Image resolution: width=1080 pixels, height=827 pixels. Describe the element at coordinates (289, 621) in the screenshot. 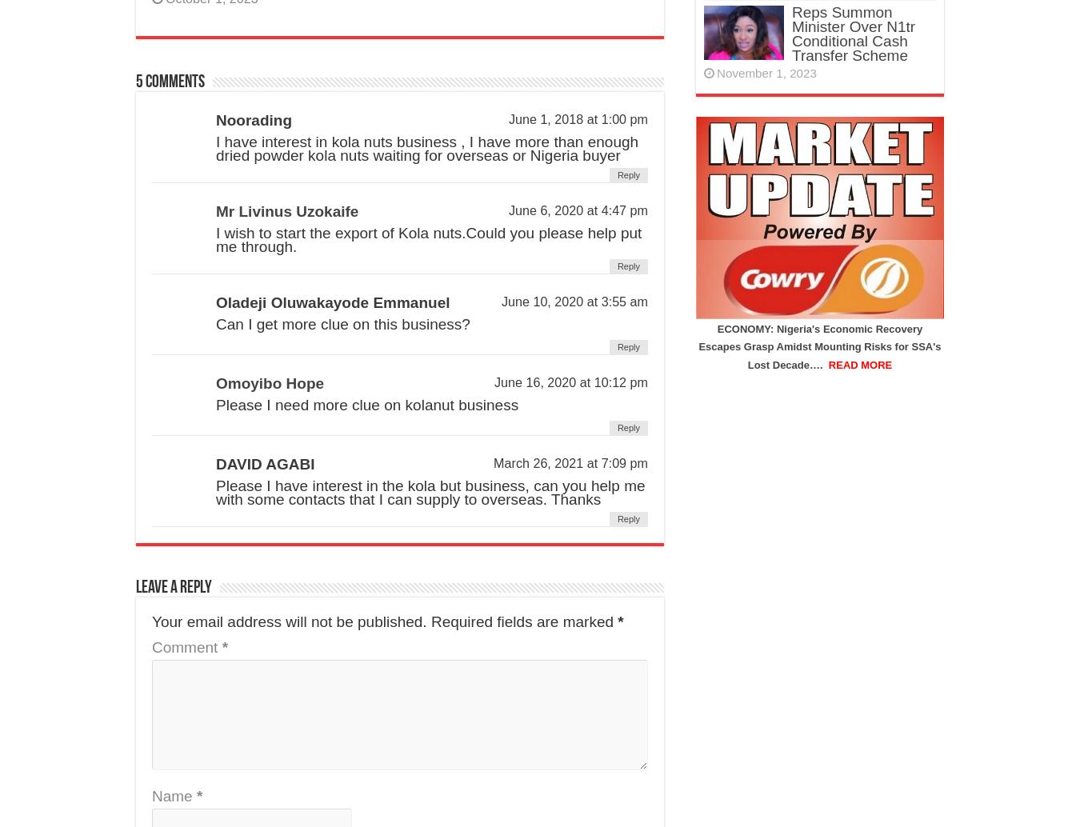

I see `'Your email address will not be published.'` at that location.